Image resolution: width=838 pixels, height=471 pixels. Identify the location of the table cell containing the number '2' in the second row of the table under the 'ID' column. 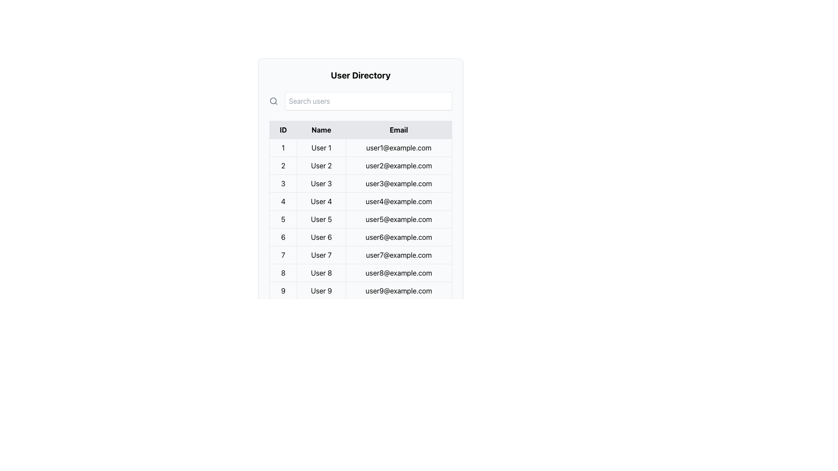
(283, 166).